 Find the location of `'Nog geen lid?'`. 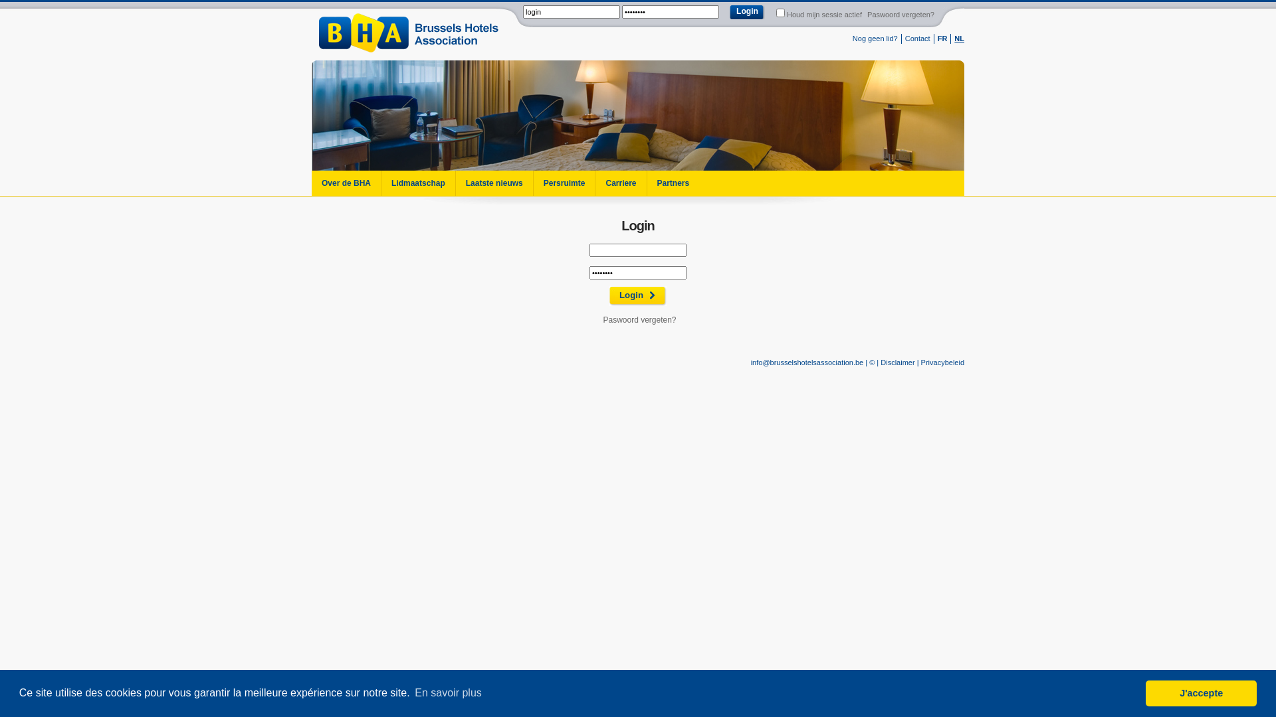

'Nog geen lid?' is located at coordinates (852, 37).